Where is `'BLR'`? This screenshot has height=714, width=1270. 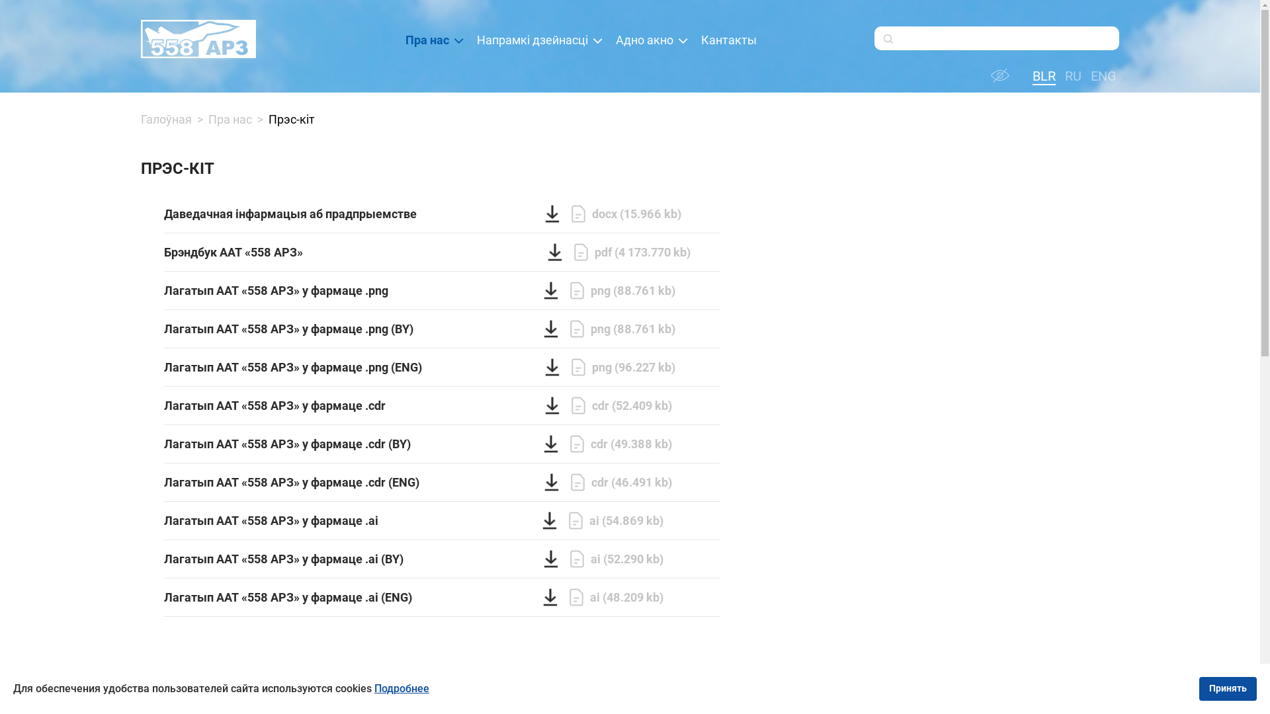 'BLR' is located at coordinates (1041, 76).